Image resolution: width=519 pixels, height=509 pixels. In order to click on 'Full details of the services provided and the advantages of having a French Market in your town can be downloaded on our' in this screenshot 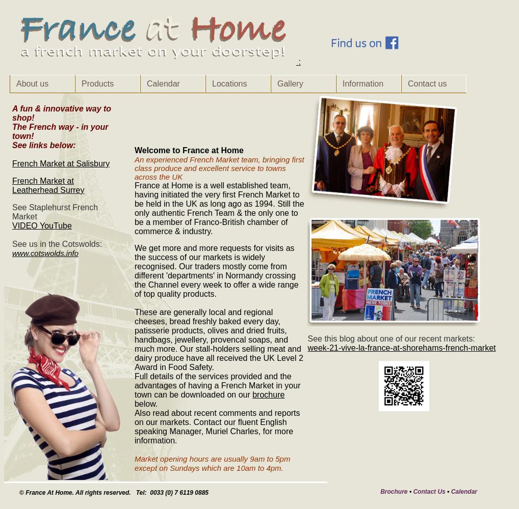, I will do `click(217, 385)`.